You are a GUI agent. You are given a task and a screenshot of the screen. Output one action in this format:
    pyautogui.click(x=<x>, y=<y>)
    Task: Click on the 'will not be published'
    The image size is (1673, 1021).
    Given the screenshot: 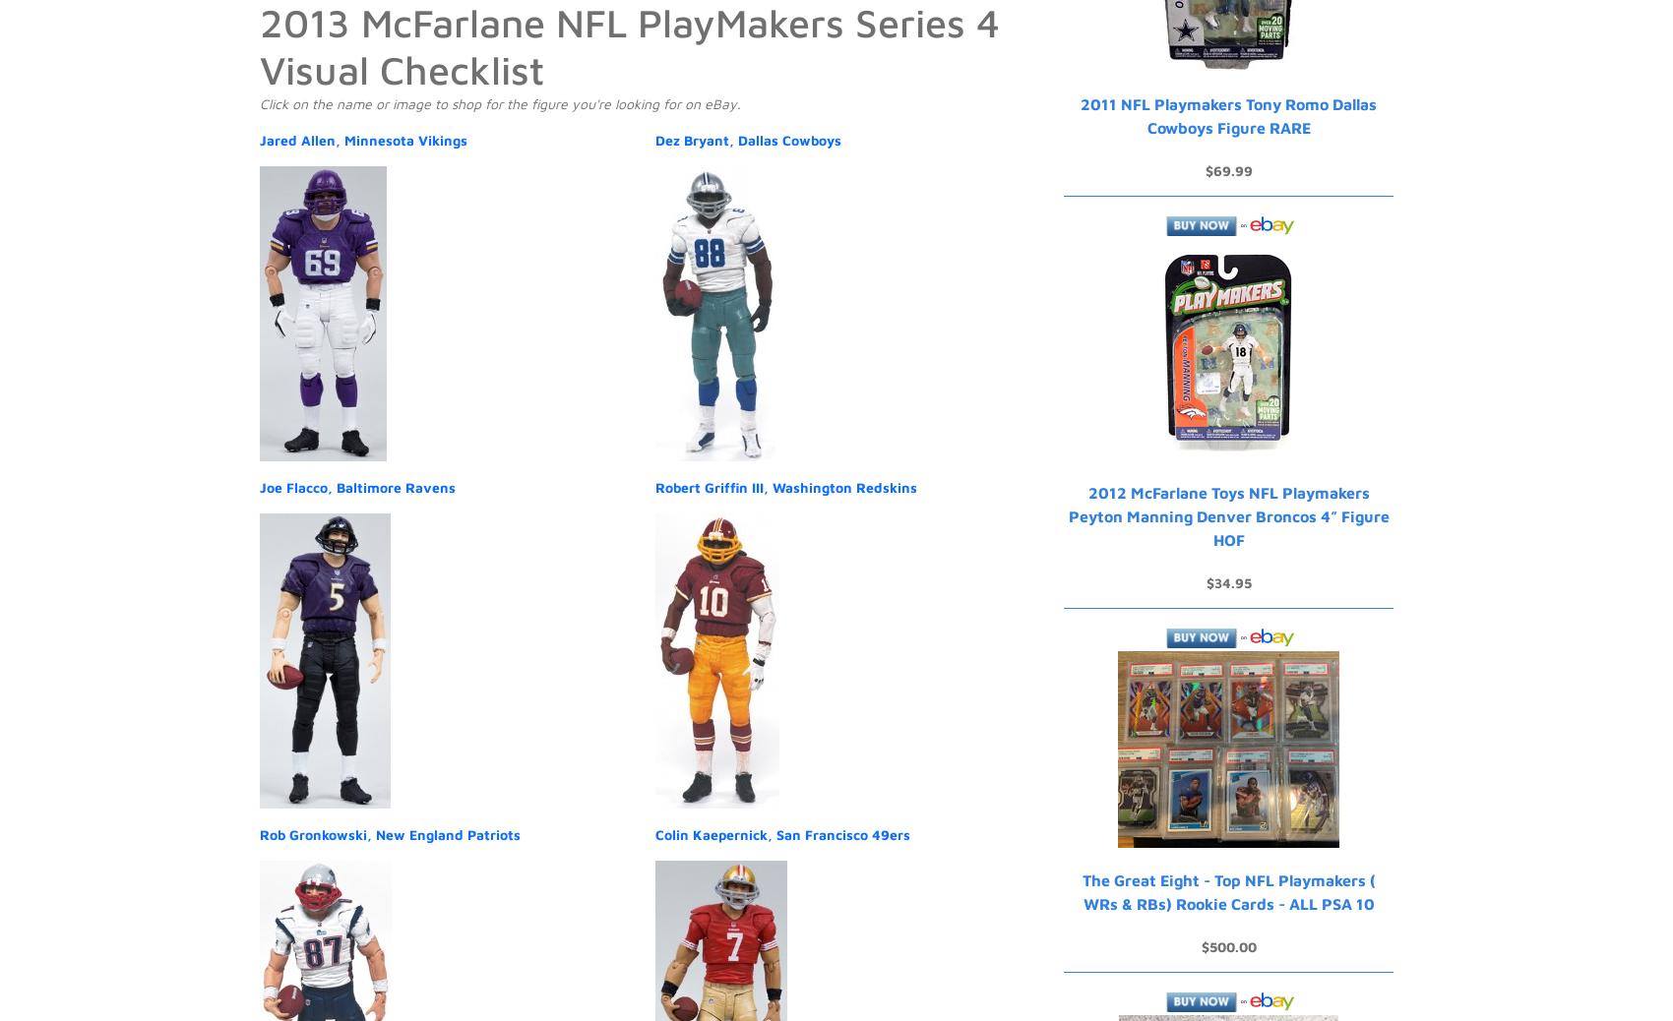 What is the action you would take?
    pyautogui.click(x=459, y=337)
    